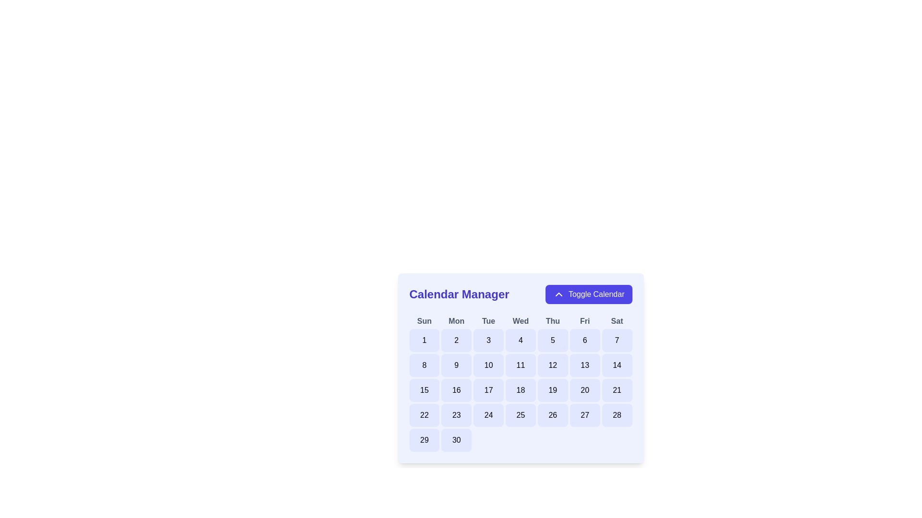 This screenshot has height=518, width=922. Describe the element at coordinates (617, 321) in the screenshot. I see `the bold gray text label reading 'Sat', which is the last element in the row of days of the week at the top of the calendar` at that location.